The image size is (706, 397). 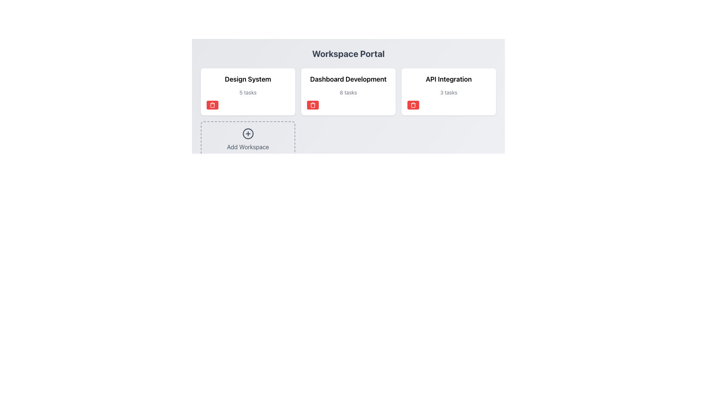 What do you see at coordinates (448, 92) in the screenshot?
I see `the text label displaying '3 tasks', which is styled in gray and positioned beneath the 'API Integration' header` at bounding box center [448, 92].